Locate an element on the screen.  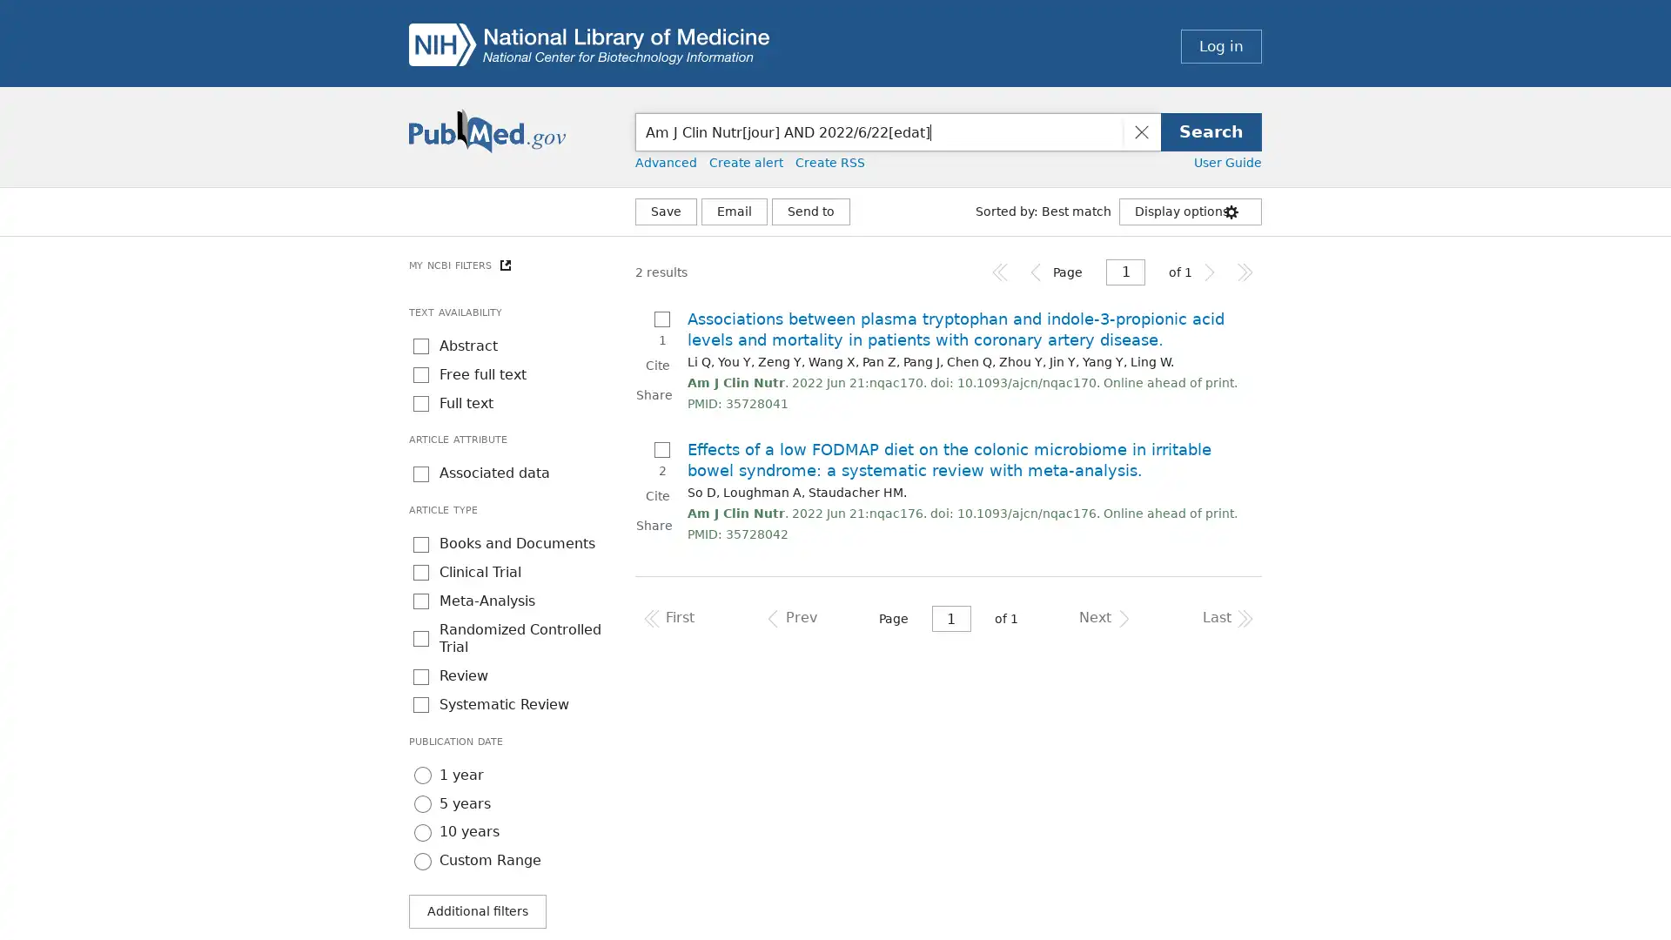
Navigates to the previous page of results. is located at coordinates (792, 617).